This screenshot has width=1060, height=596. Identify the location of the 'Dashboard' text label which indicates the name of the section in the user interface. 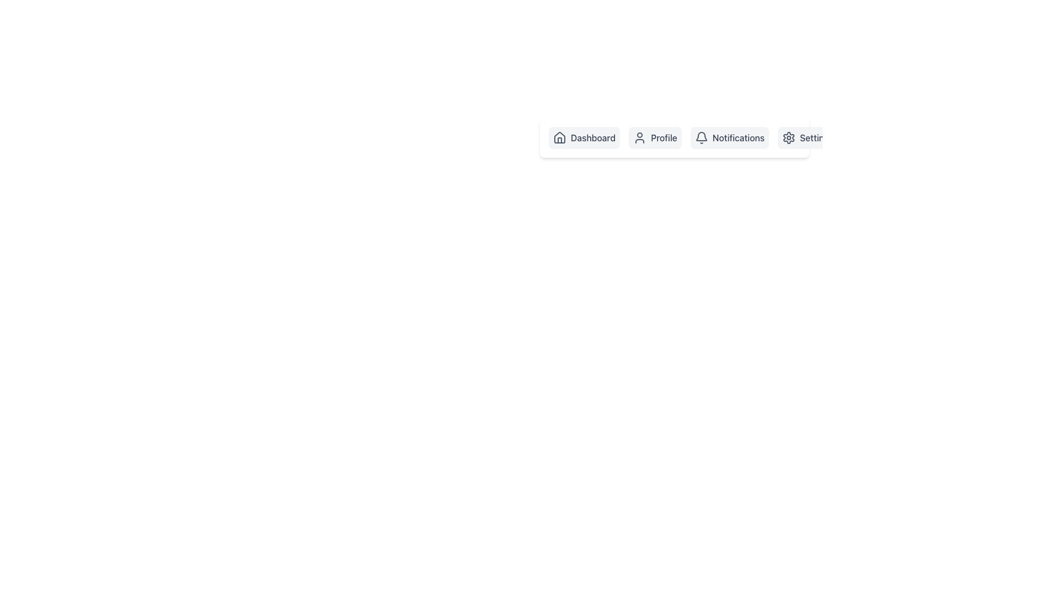
(592, 137).